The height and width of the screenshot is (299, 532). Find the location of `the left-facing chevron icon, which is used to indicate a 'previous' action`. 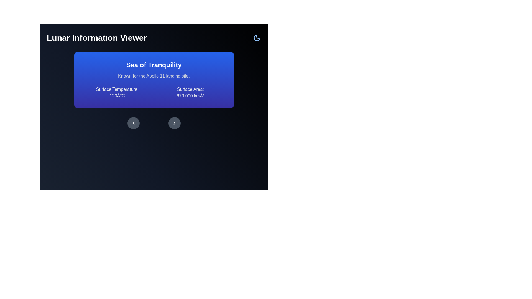

the left-facing chevron icon, which is used to indicate a 'previous' action is located at coordinates (133, 123).